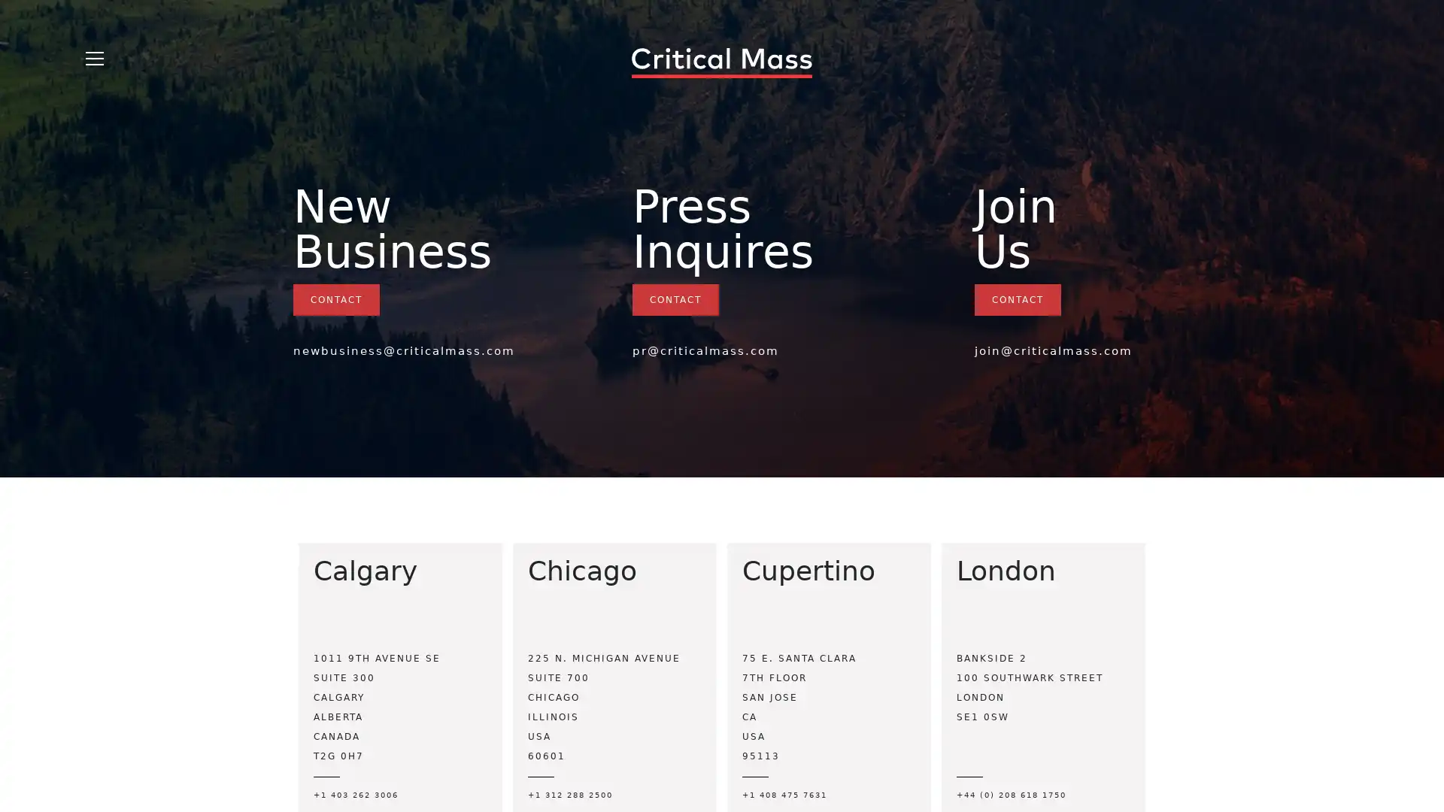 The height and width of the screenshot is (812, 1444). I want to click on Open Menu, so click(93, 60).